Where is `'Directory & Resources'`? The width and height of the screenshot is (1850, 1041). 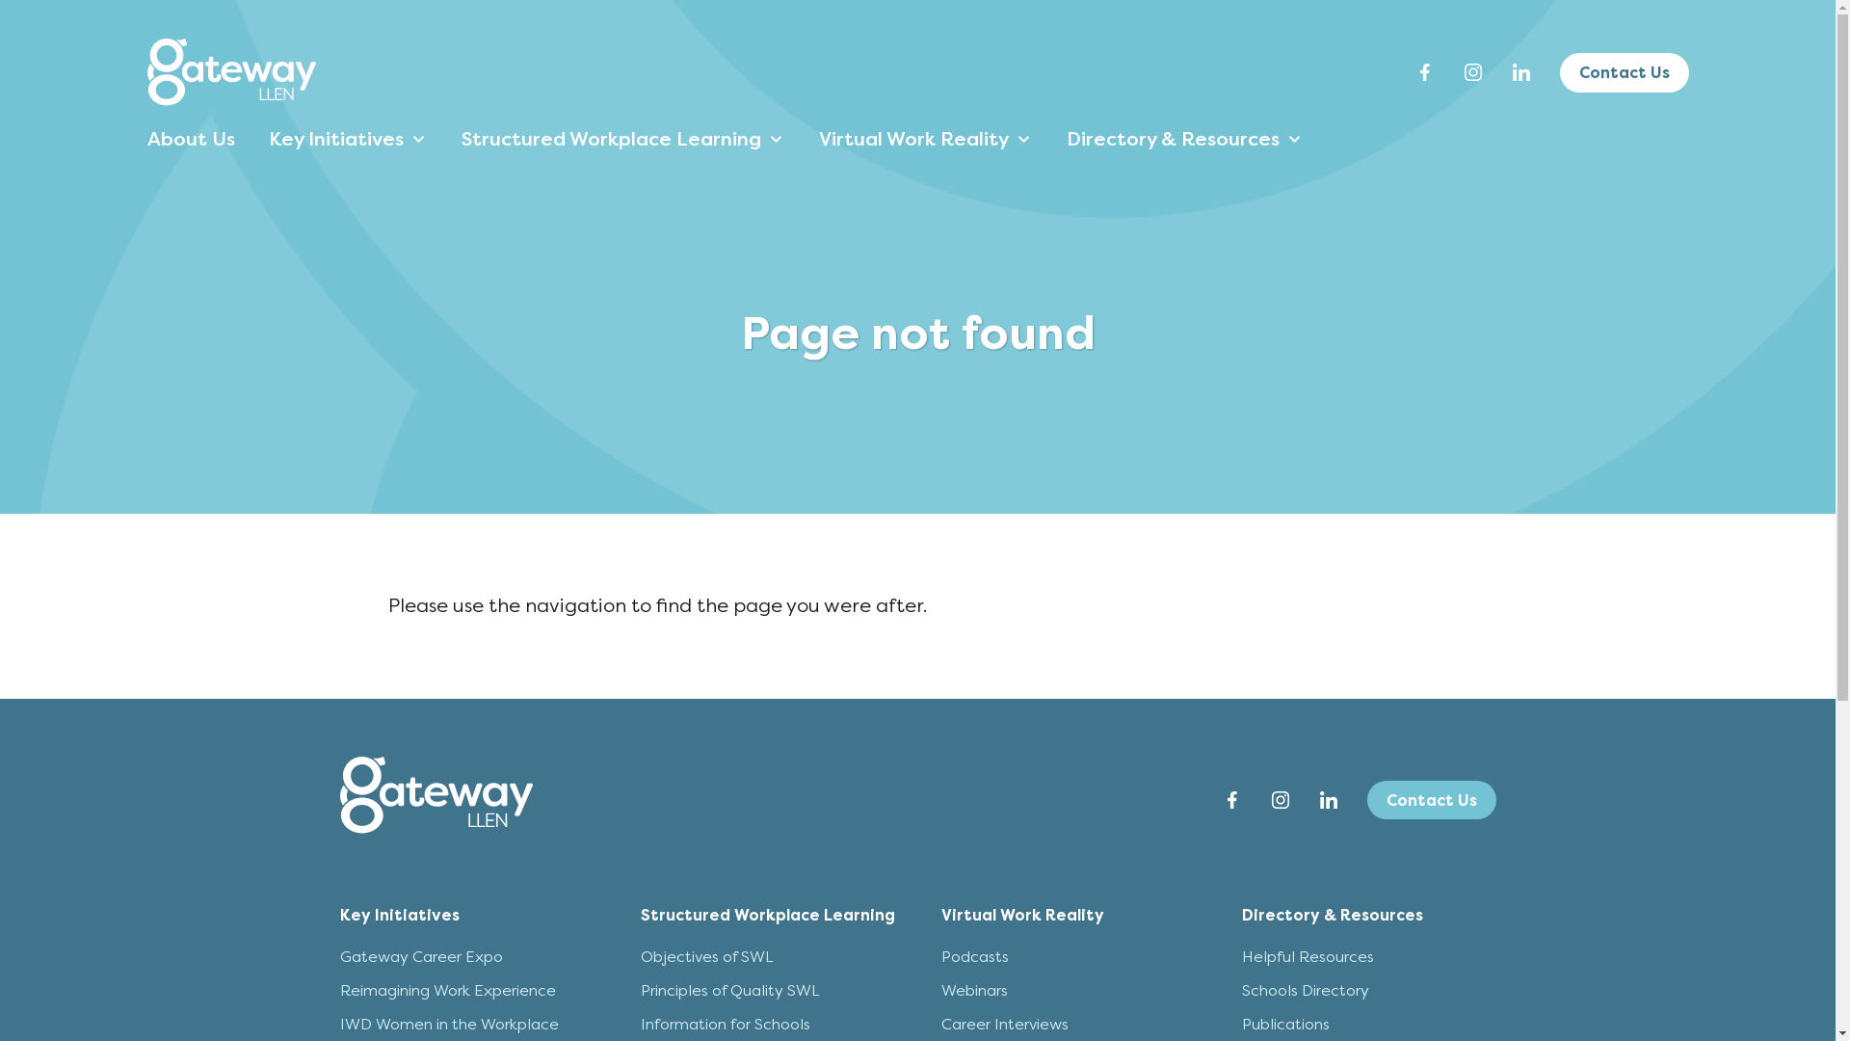 'Directory & Resources' is located at coordinates (1331, 914).